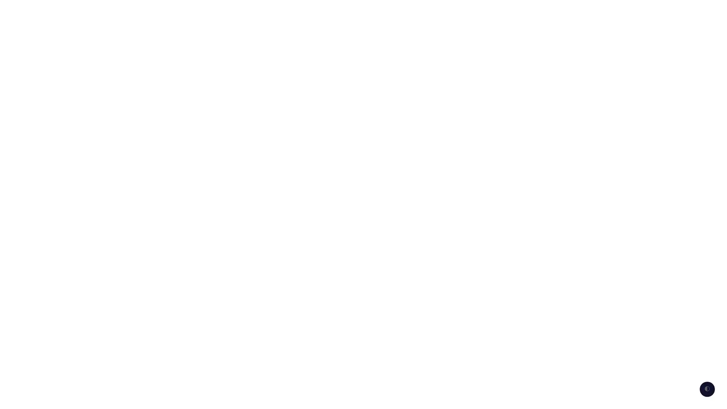 This screenshot has height=409, width=727. What do you see at coordinates (549, 11) in the screenshot?
I see `Feedback` at bounding box center [549, 11].